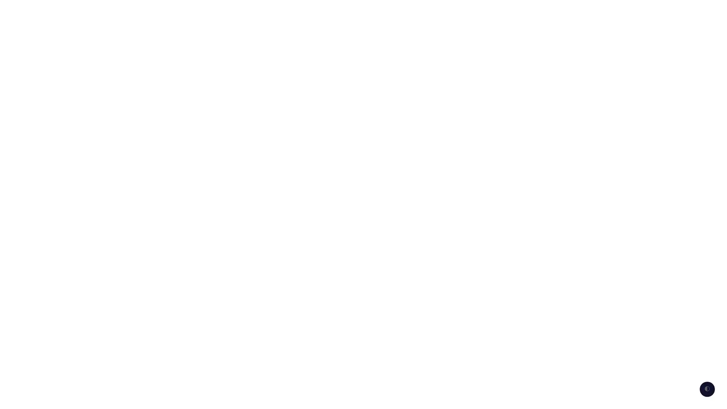 This screenshot has height=409, width=727. What do you see at coordinates (549, 11) in the screenshot?
I see `Feedback` at bounding box center [549, 11].